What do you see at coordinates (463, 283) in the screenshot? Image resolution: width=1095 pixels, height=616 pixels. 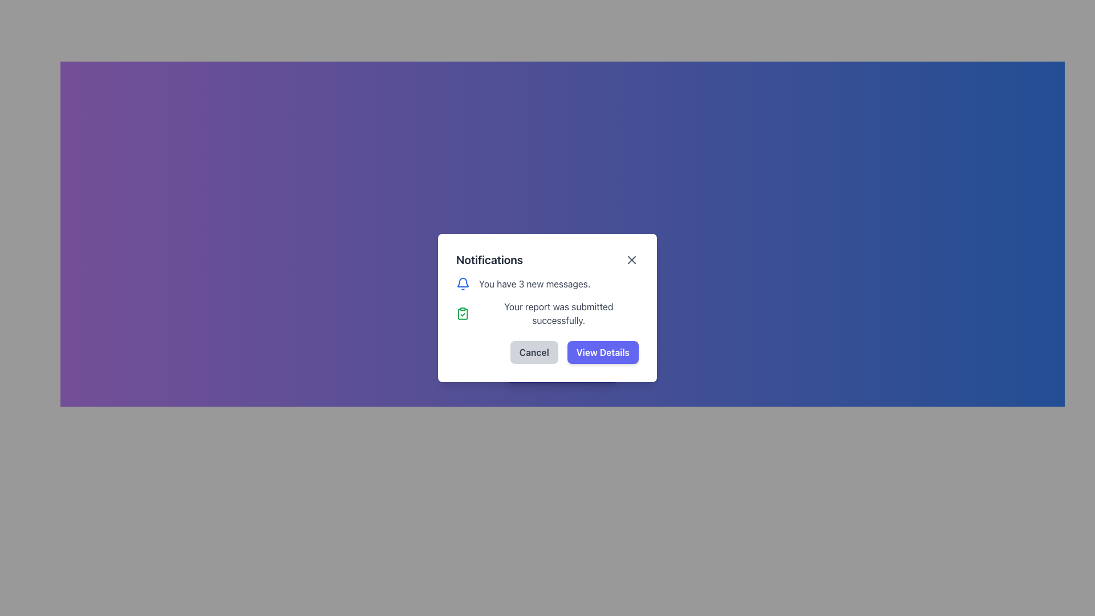 I see `the bell icon located in the notification area` at bounding box center [463, 283].